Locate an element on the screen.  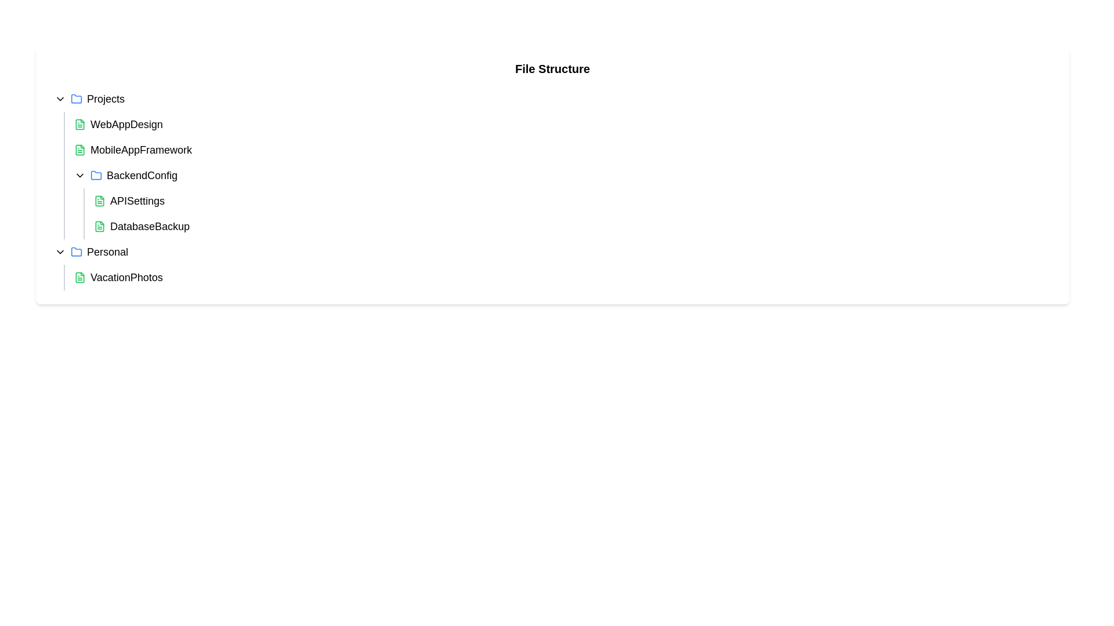
the small document icon with green strokes located to the left of the text 'WebAppDesign' is located at coordinates (79, 125).